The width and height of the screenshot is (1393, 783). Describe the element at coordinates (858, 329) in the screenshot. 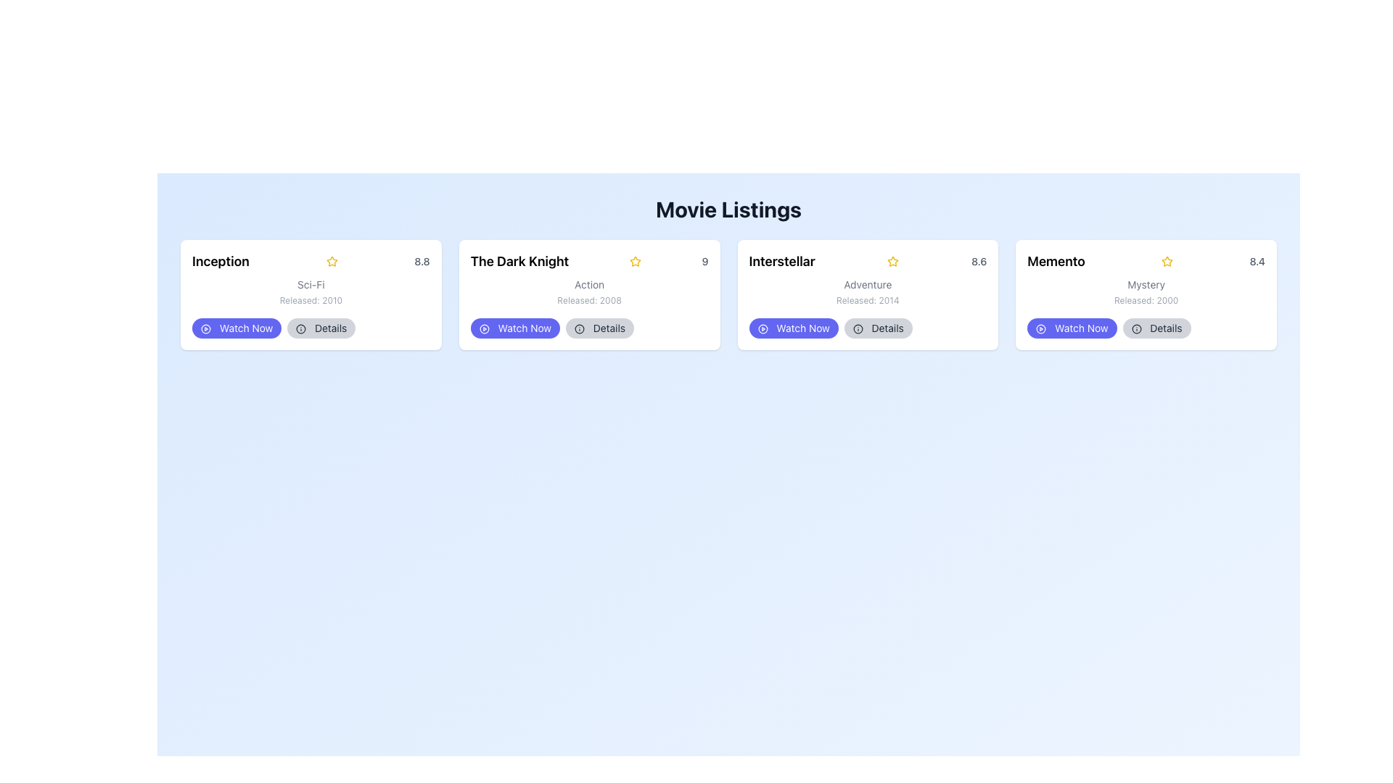

I see `the information icon inside the 'Details' button at the bottom of the 'Interstellar' movie card, which is styled with a circular outline and an 'i' symbol` at that location.